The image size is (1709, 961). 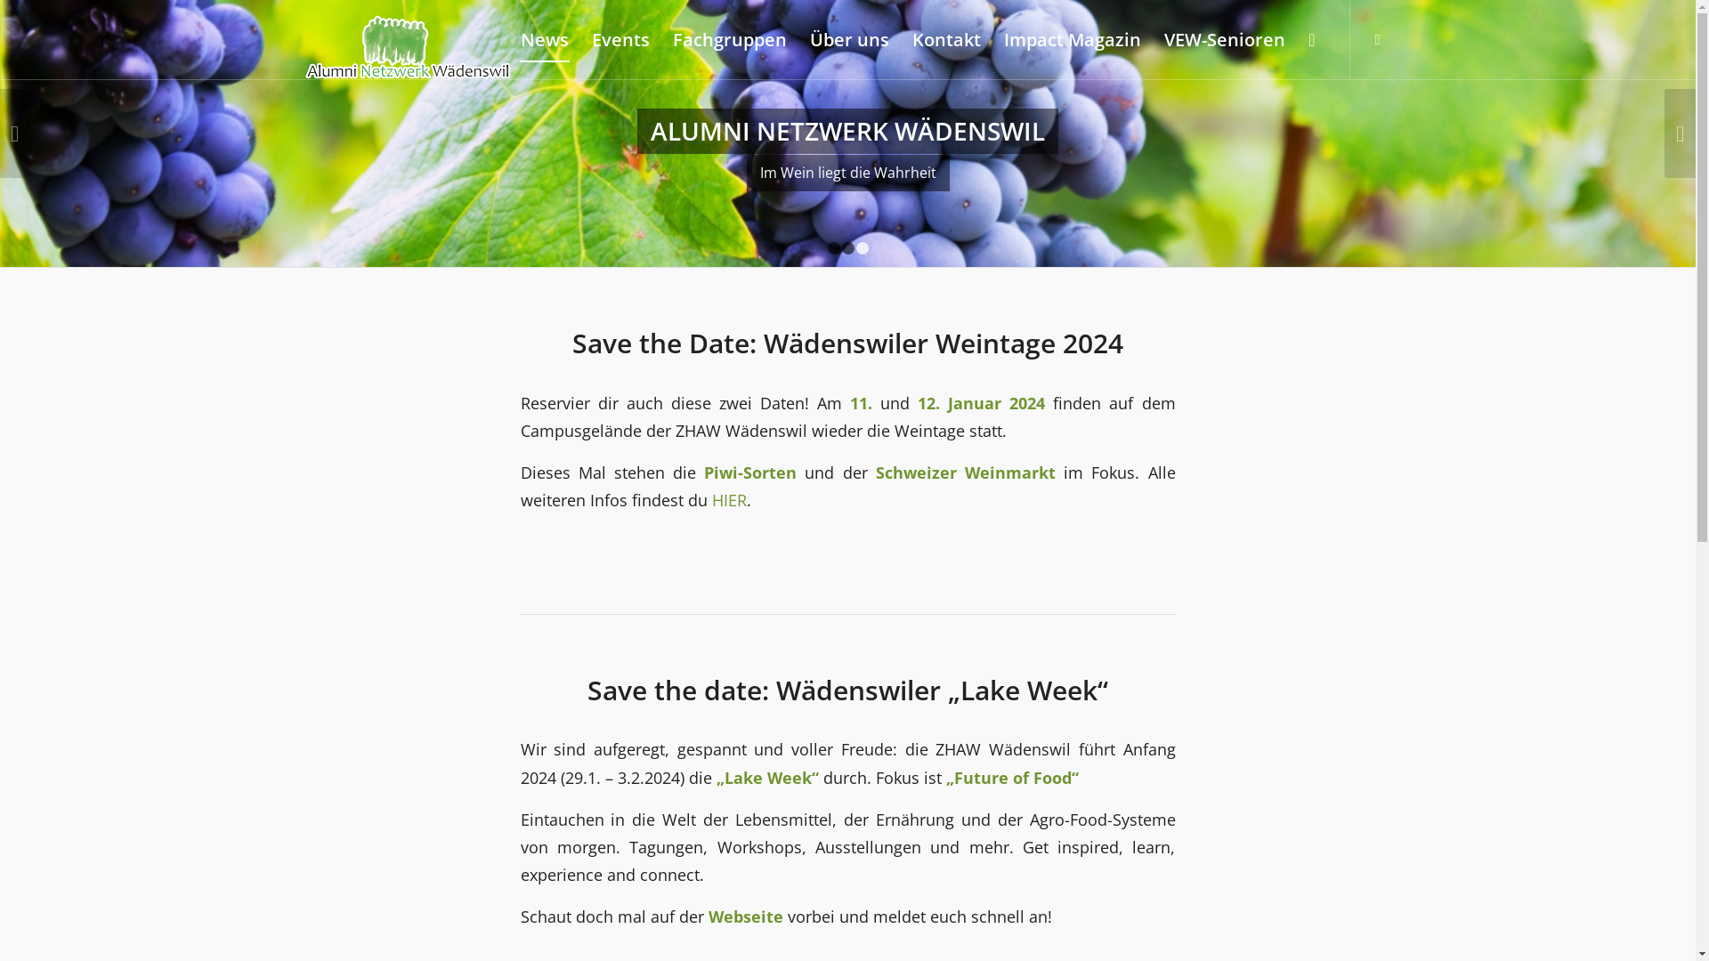 I want to click on 'Fachgruppen', so click(x=730, y=40).